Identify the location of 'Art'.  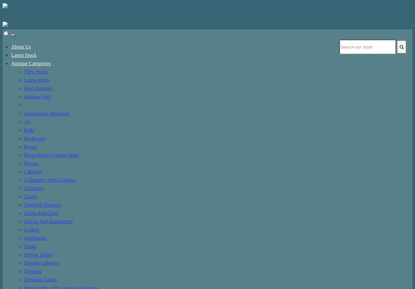
(24, 121).